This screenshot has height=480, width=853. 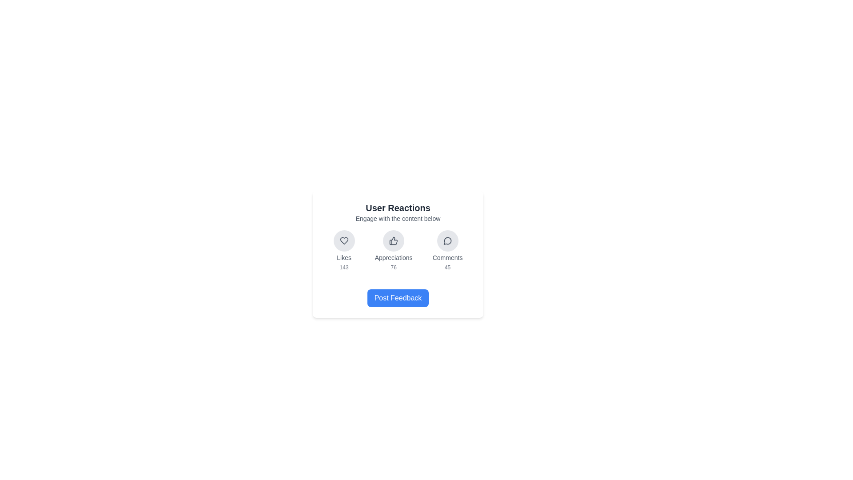 I want to click on the numeric value label showing the count of appreciations, located directly below the thumbs-up icon and the text label 'Appreciations', so click(x=393, y=267).